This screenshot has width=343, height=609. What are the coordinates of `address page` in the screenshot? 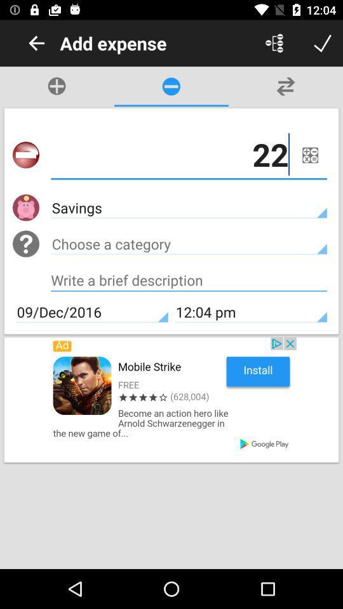 It's located at (188, 282).